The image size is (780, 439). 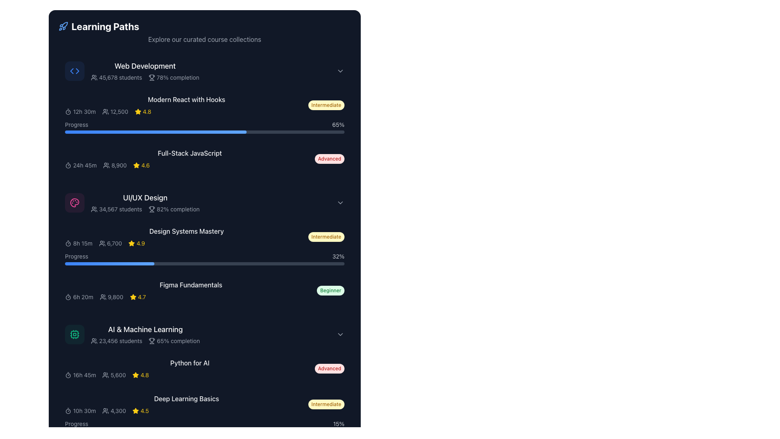 What do you see at coordinates (138, 111) in the screenshot?
I see `the star rating icon located to the left of the numeric rating '4.8' in the 'Modern React with Hooks' section of the 'Web Development' category for detailed information or action` at bounding box center [138, 111].